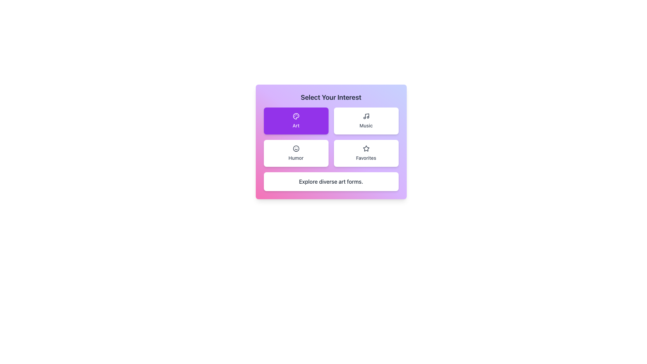 The width and height of the screenshot is (647, 364). What do you see at coordinates (366, 116) in the screenshot?
I see `the 'Music' category icon located in the interest selection menu, which is visually represented to aid in quick identification of this category` at bounding box center [366, 116].